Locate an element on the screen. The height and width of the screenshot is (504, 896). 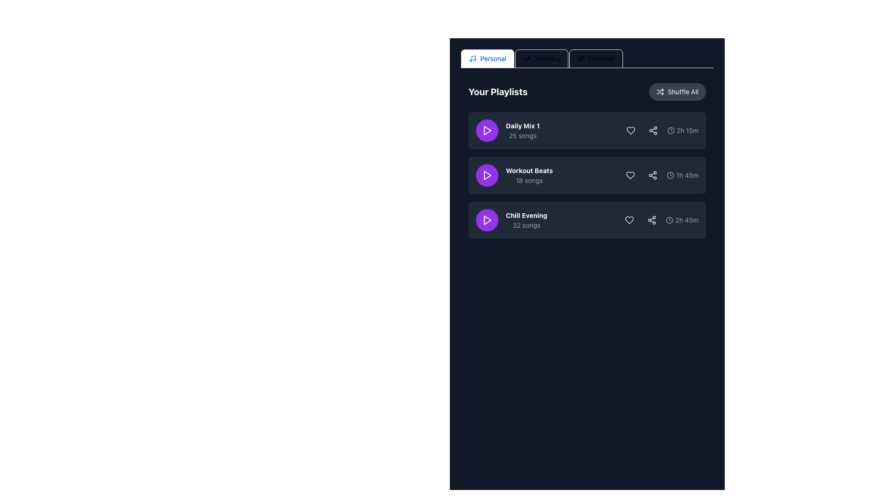
the small clock icon located to the left of the time label '2h 15m' in the playlist 'Daily Mix 1' is located at coordinates (670, 131).